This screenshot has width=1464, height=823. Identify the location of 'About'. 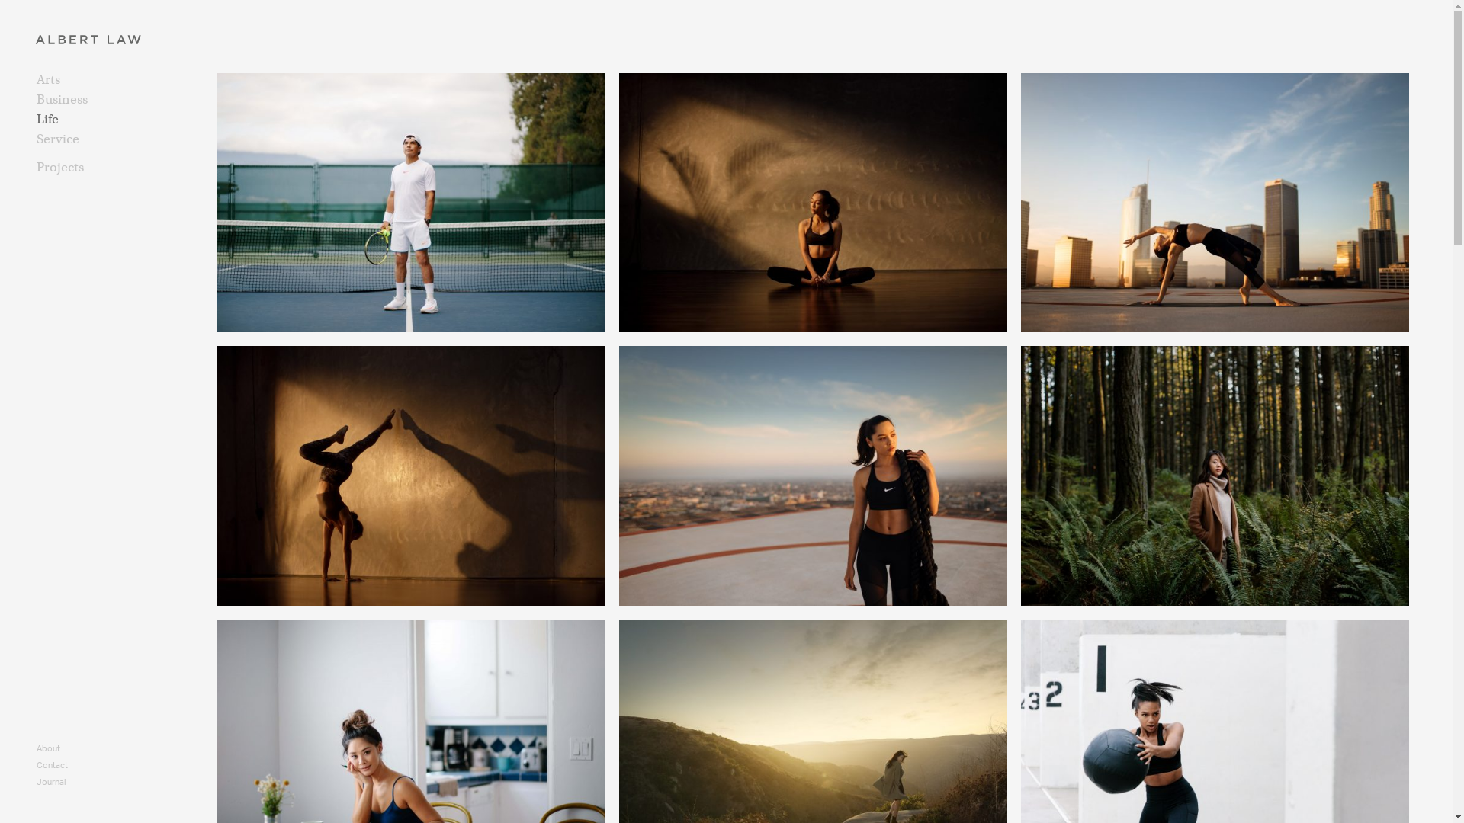
(48, 748).